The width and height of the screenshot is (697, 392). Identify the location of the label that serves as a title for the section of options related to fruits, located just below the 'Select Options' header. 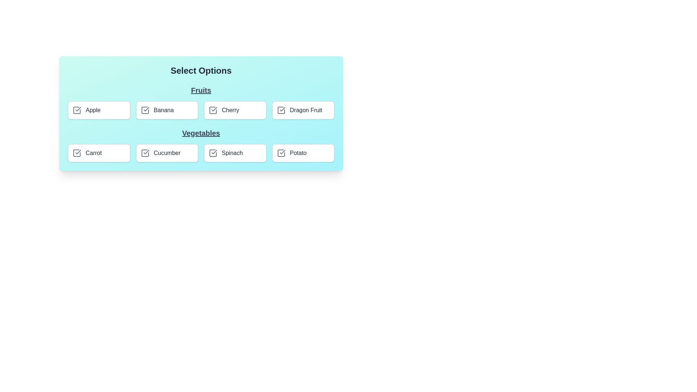
(201, 90).